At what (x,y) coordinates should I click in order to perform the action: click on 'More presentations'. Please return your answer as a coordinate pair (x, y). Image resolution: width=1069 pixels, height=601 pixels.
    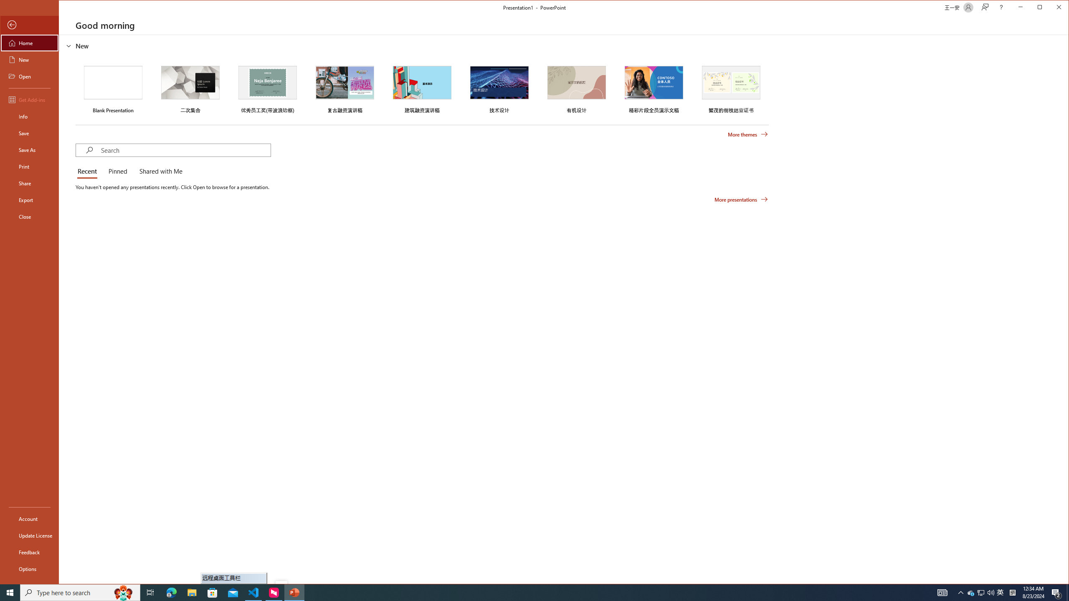
    Looking at the image, I should click on (741, 199).